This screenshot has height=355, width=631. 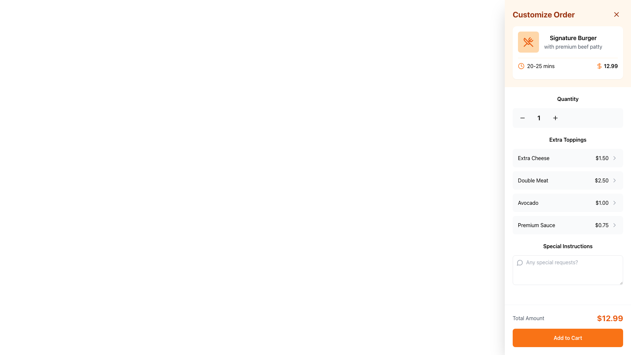 What do you see at coordinates (534, 158) in the screenshot?
I see `the 'Extra Cheese' label in the 'Extra Toppings' section of the order customization layout` at bounding box center [534, 158].